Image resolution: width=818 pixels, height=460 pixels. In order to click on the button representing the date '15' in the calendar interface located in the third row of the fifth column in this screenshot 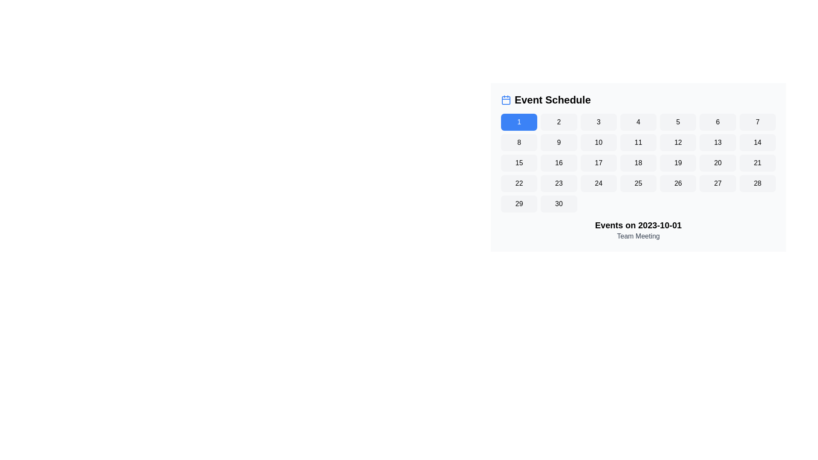, I will do `click(518, 163)`.